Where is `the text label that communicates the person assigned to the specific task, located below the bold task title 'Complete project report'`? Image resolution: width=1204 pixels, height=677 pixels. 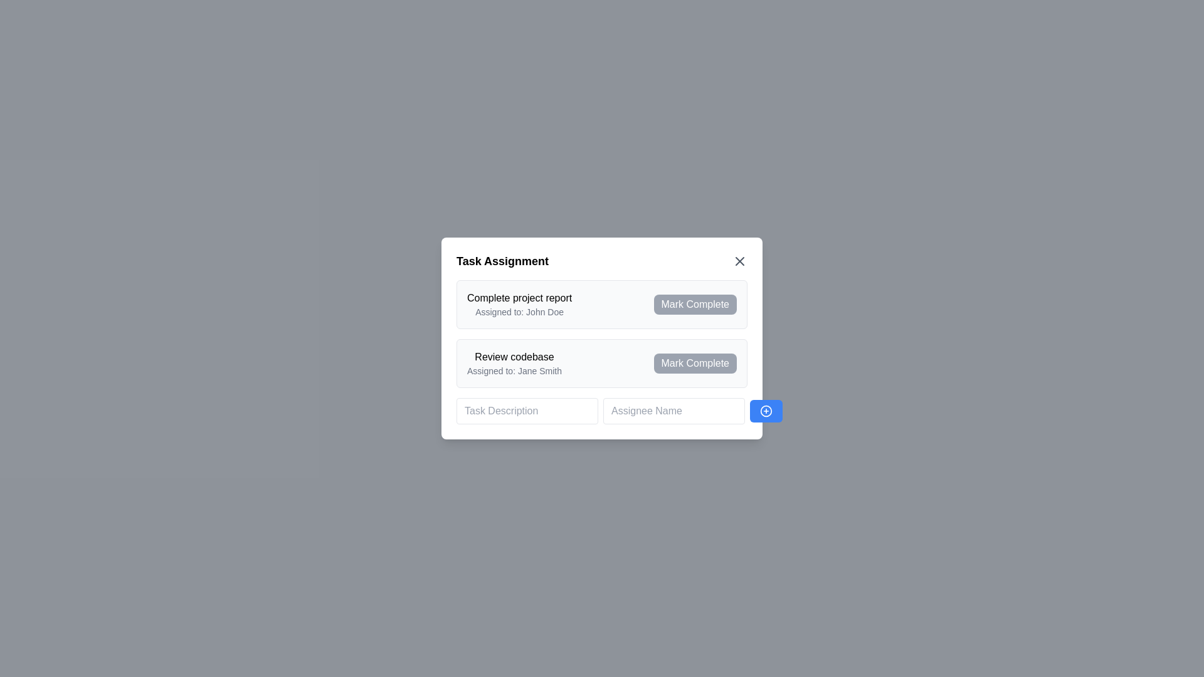
the text label that communicates the person assigned to the specific task, located below the bold task title 'Complete project report' is located at coordinates (519, 311).